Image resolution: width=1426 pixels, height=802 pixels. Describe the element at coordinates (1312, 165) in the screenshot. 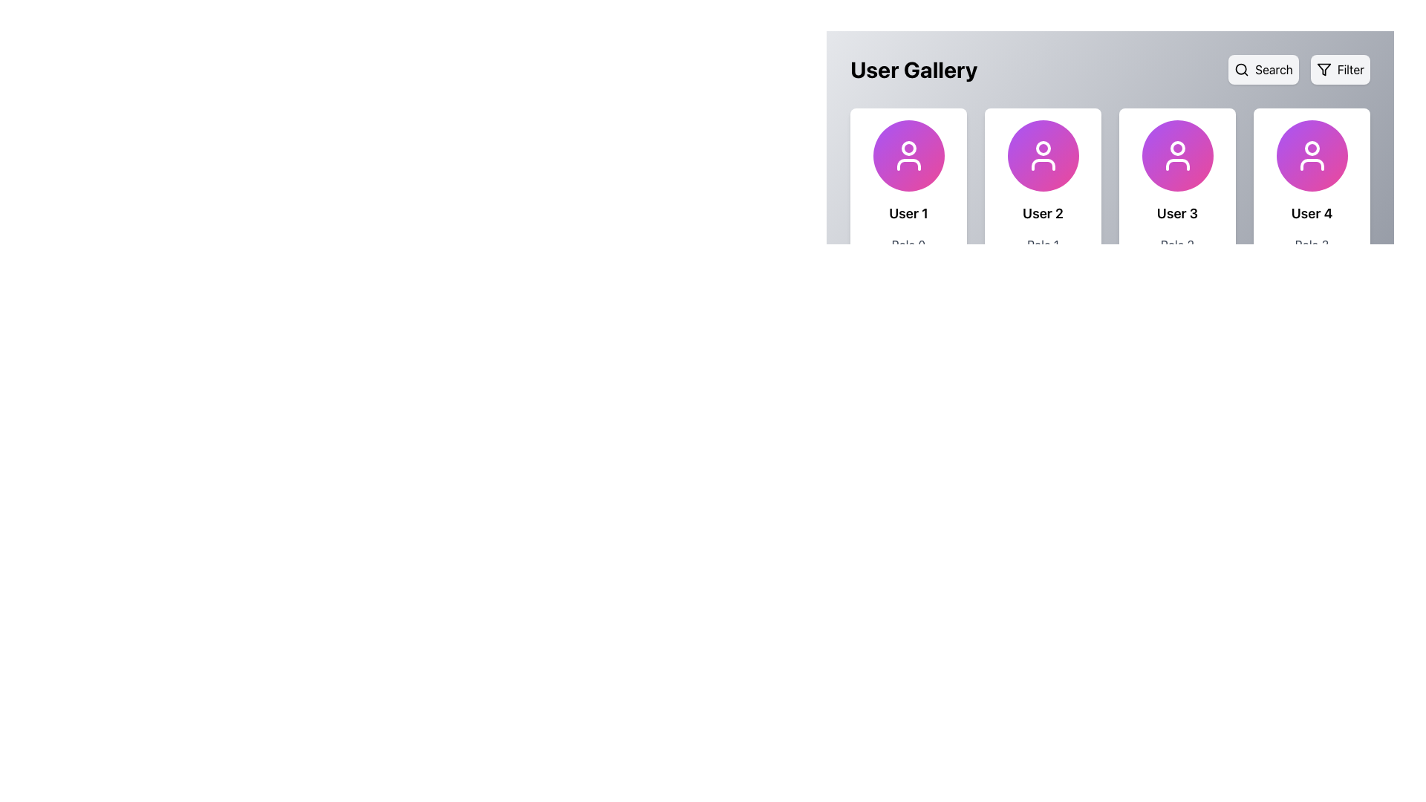

I see `the torso segment of the 'User 4' profile icon, which is located at the far-right of the user gallery and is positioned below the circular head representation` at that location.